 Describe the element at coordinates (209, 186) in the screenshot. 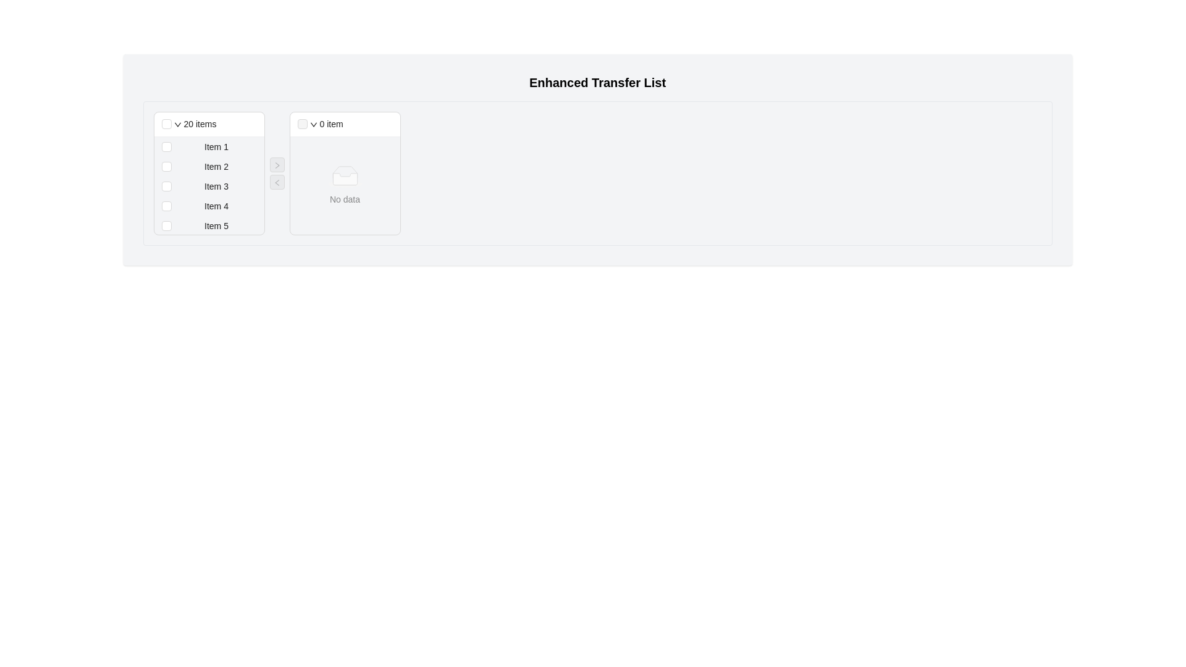

I see `the checkbox of the list item labeled 'Item 3'` at that location.